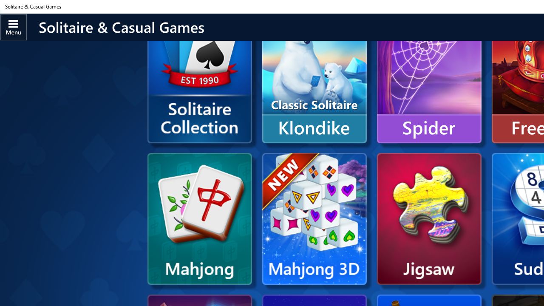 This screenshot has width=544, height=306. I want to click on 'Microsoft Mahjong', so click(199, 218).